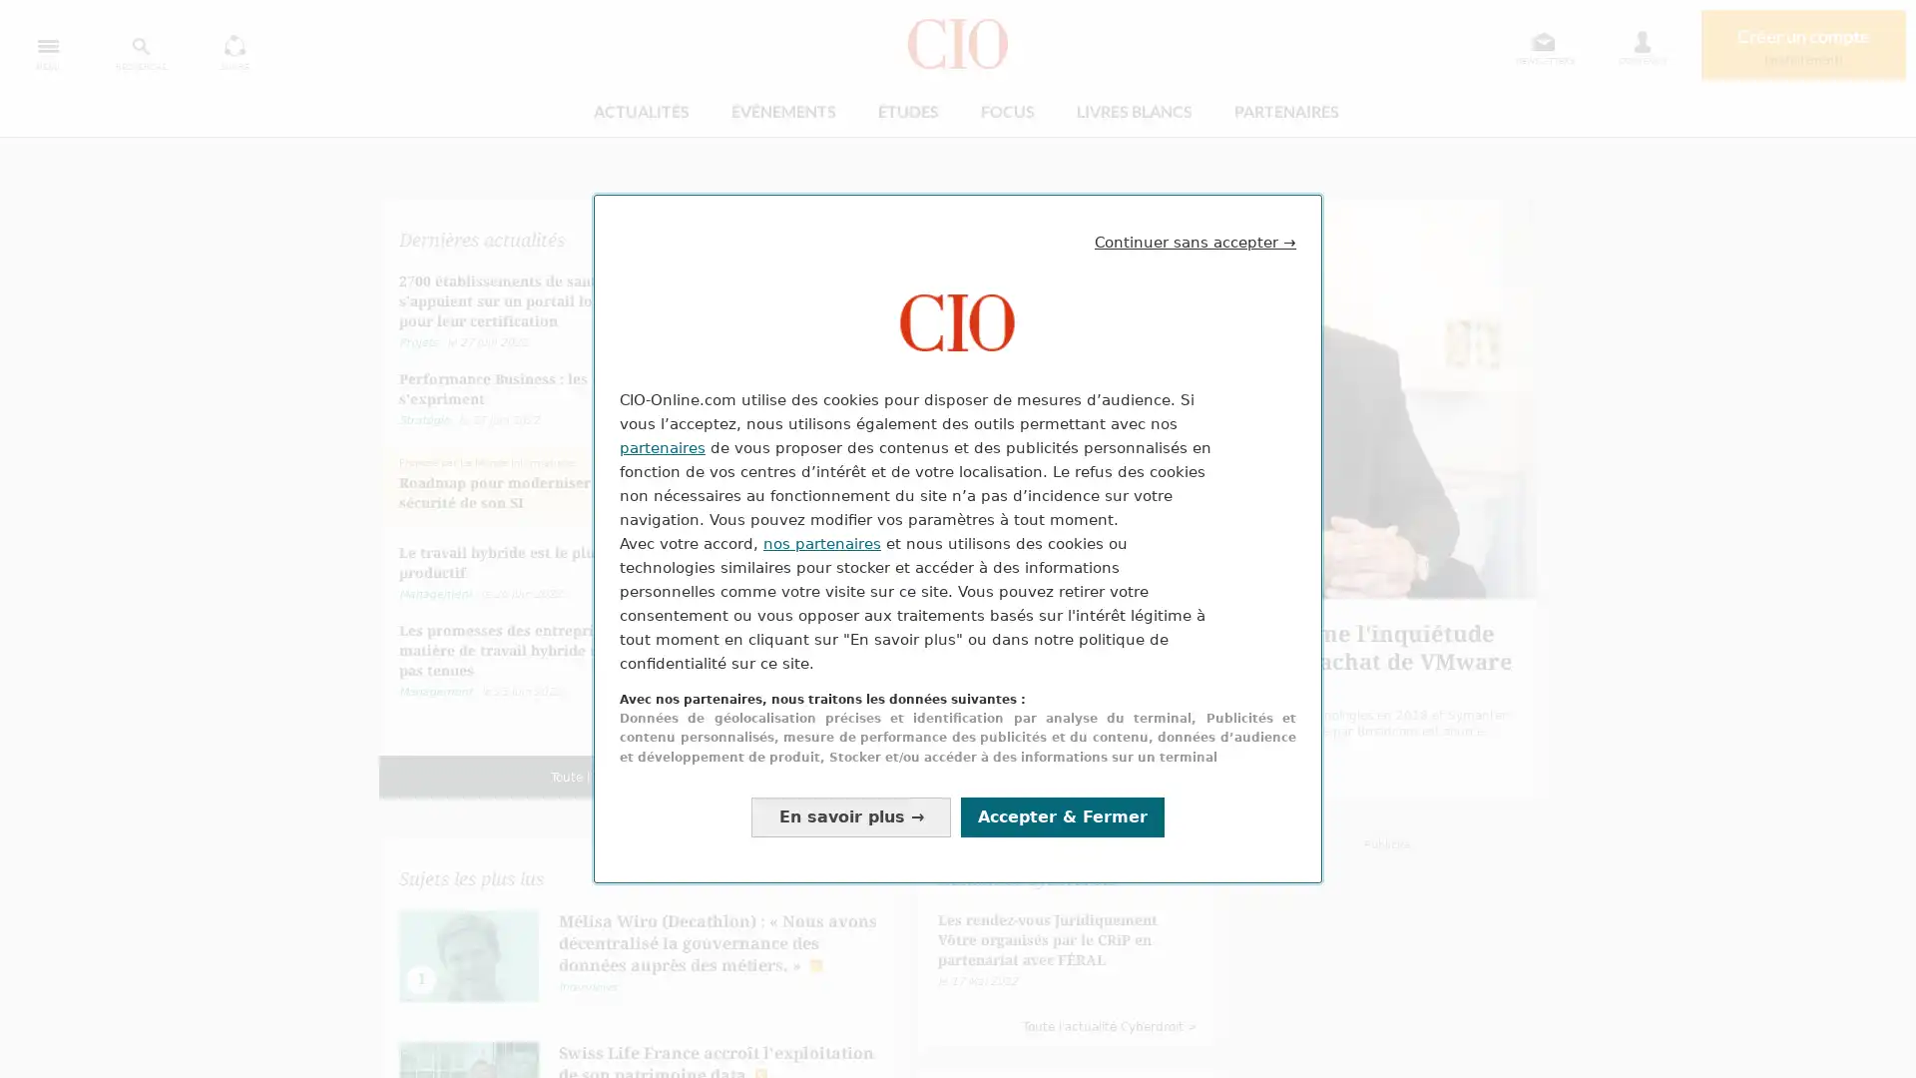  Describe the element at coordinates (851, 816) in the screenshot. I see `Configurer vos consentements` at that location.